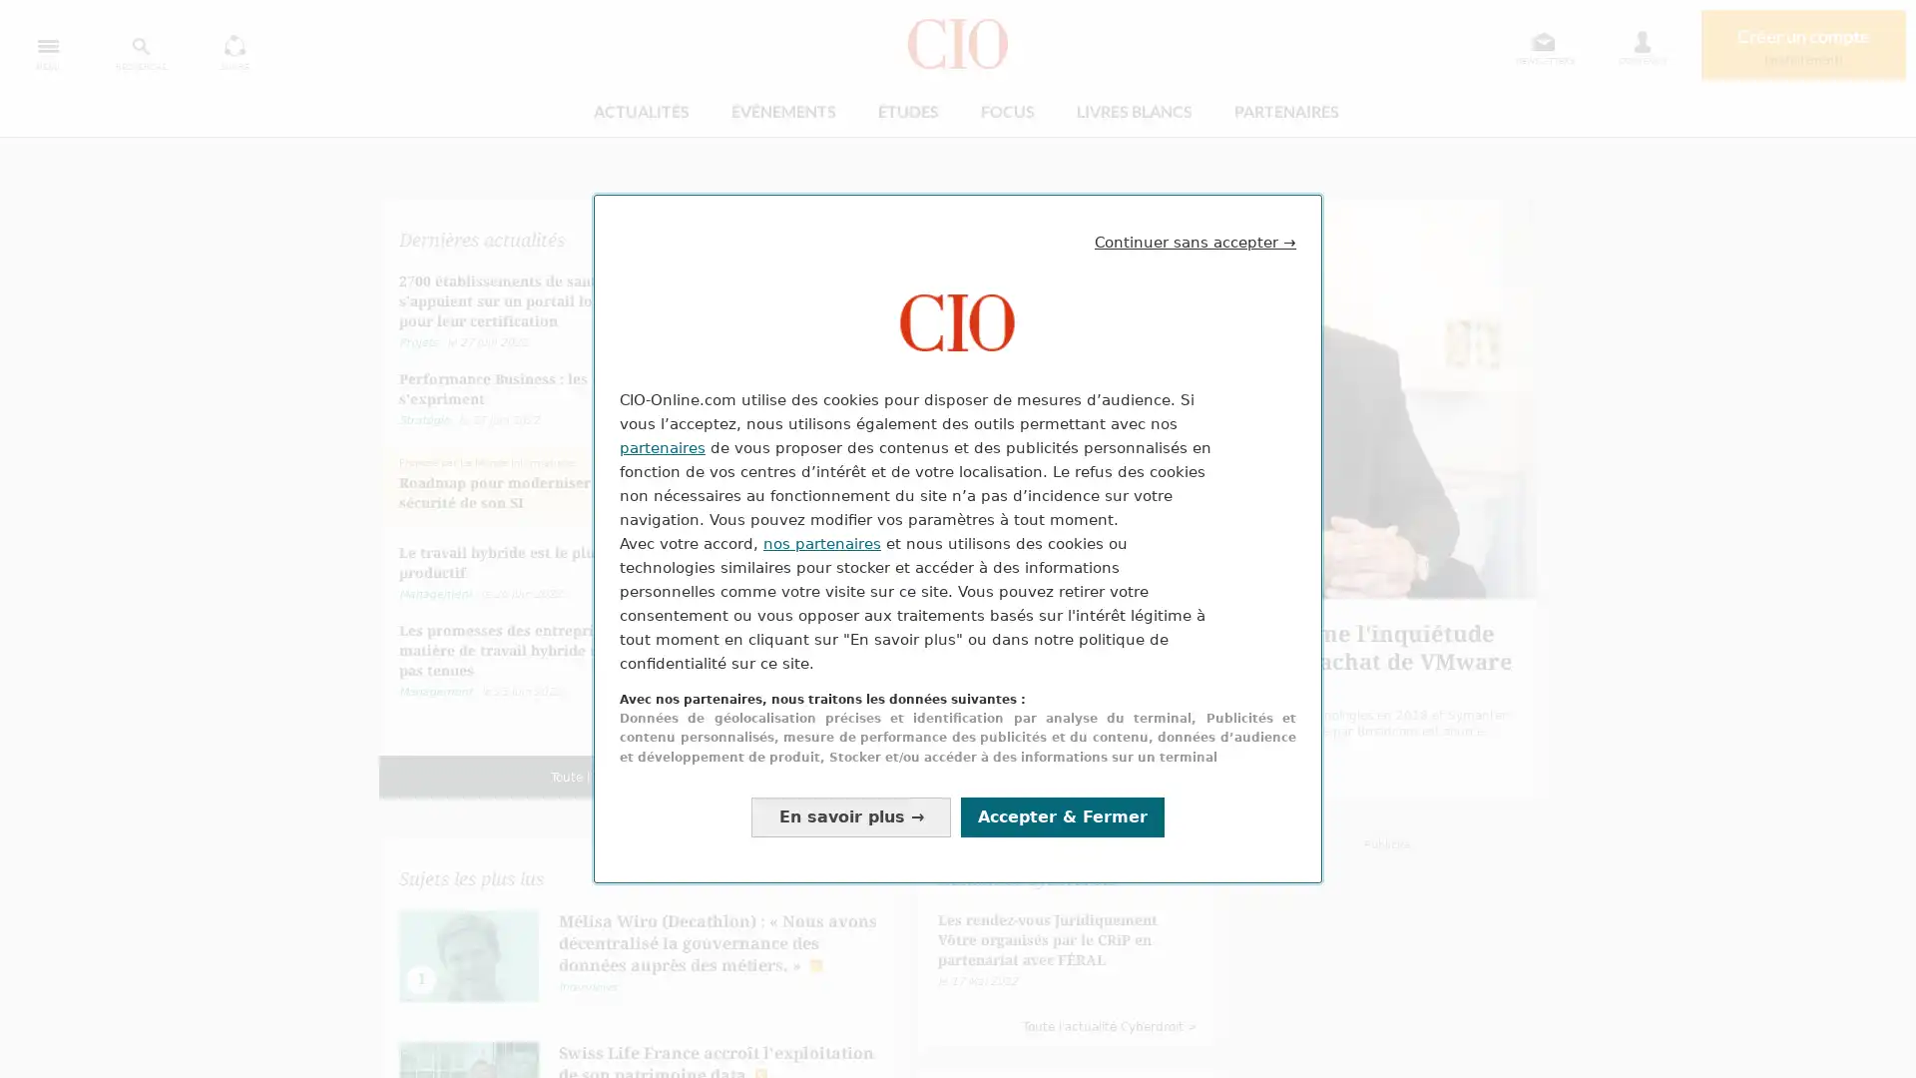  Describe the element at coordinates (851, 816) in the screenshot. I see `Configurer vos consentements` at that location.